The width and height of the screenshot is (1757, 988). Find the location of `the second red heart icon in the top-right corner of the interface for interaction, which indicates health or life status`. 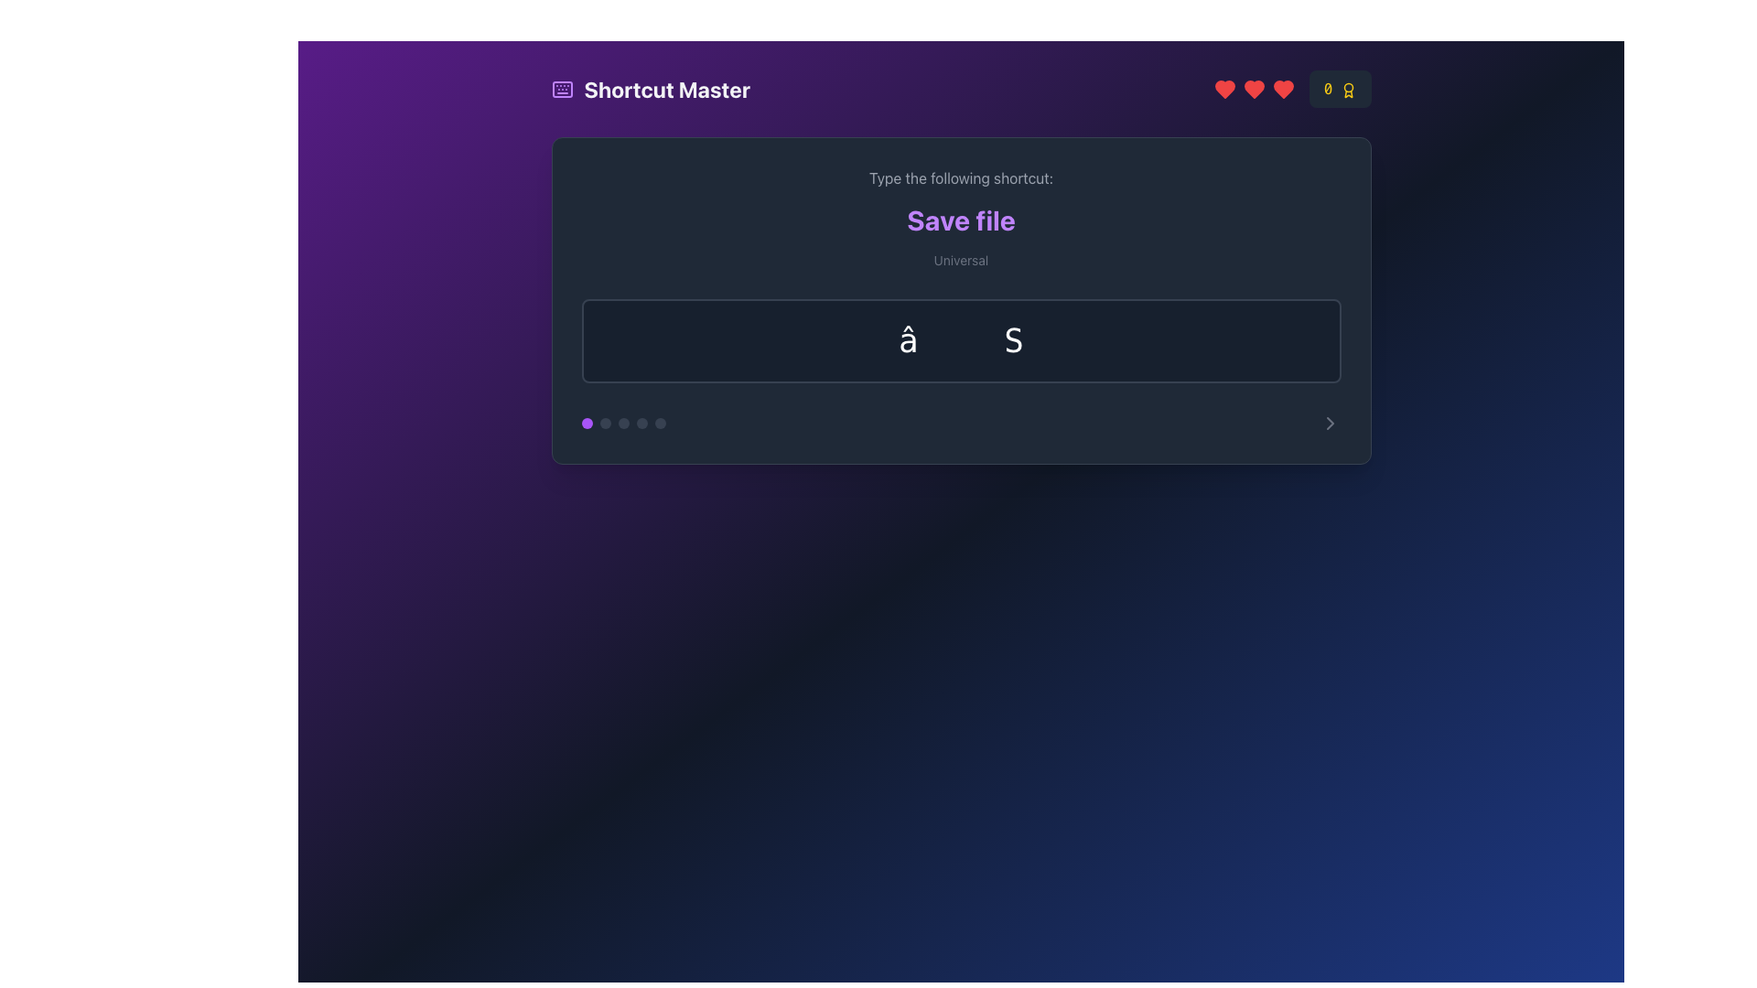

the second red heart icon in the top-right corner of the interface for interaction, which indicates health or life status is located at coordinates (1224, 89).